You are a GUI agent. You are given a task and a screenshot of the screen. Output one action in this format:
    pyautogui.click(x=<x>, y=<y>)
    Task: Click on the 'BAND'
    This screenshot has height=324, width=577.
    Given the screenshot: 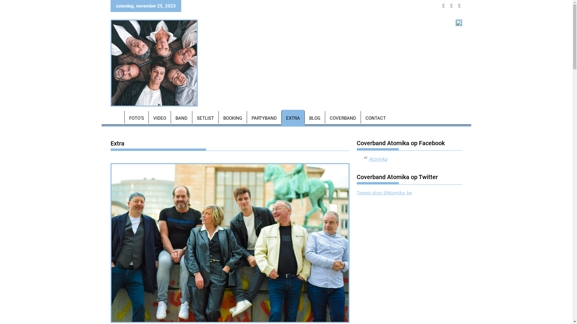 What is the action you would take?
    pyautogui.click(x=170, y=118)
    